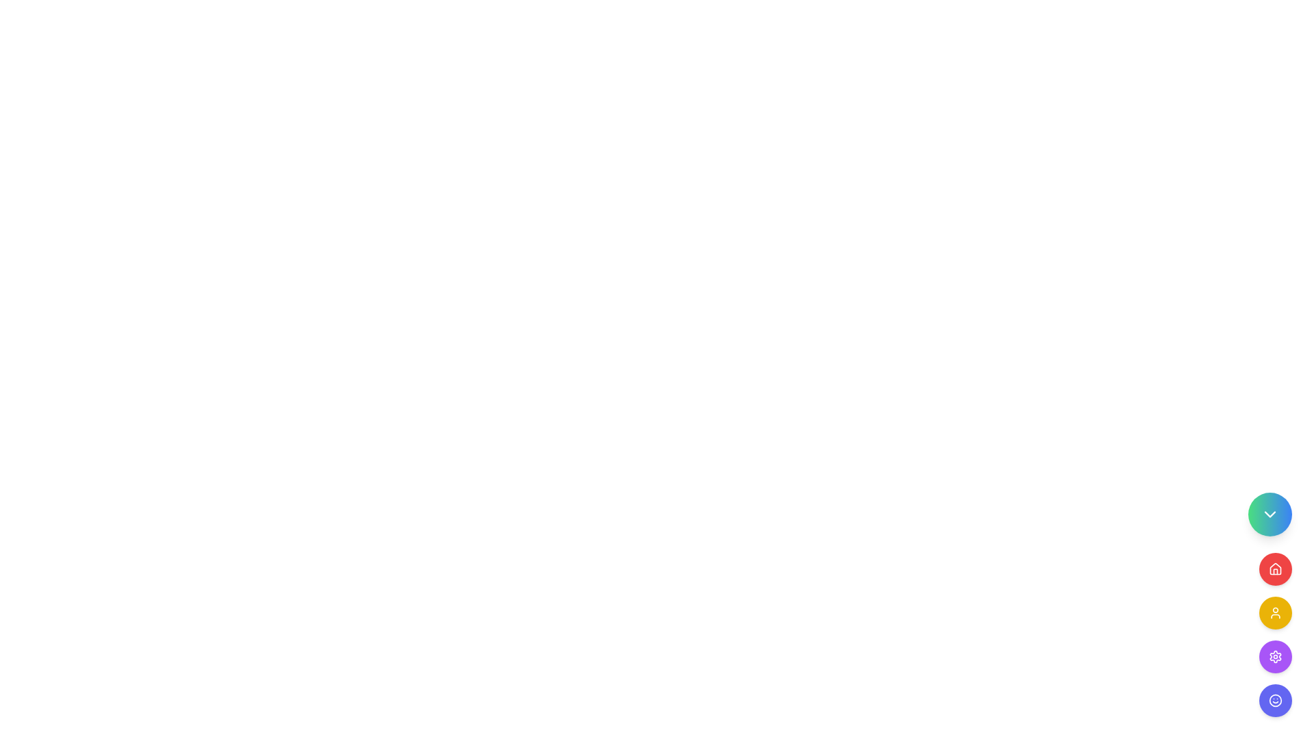 Image resolution: width=1314 pixels, height=739 pixels. What do you see at coordinates (1274, 700) in the screenshot?
I see `the circular button with a purple background featuring a white smiley face icon, located at the bottom of the vertical button list` at bounding box center [1274, 700].